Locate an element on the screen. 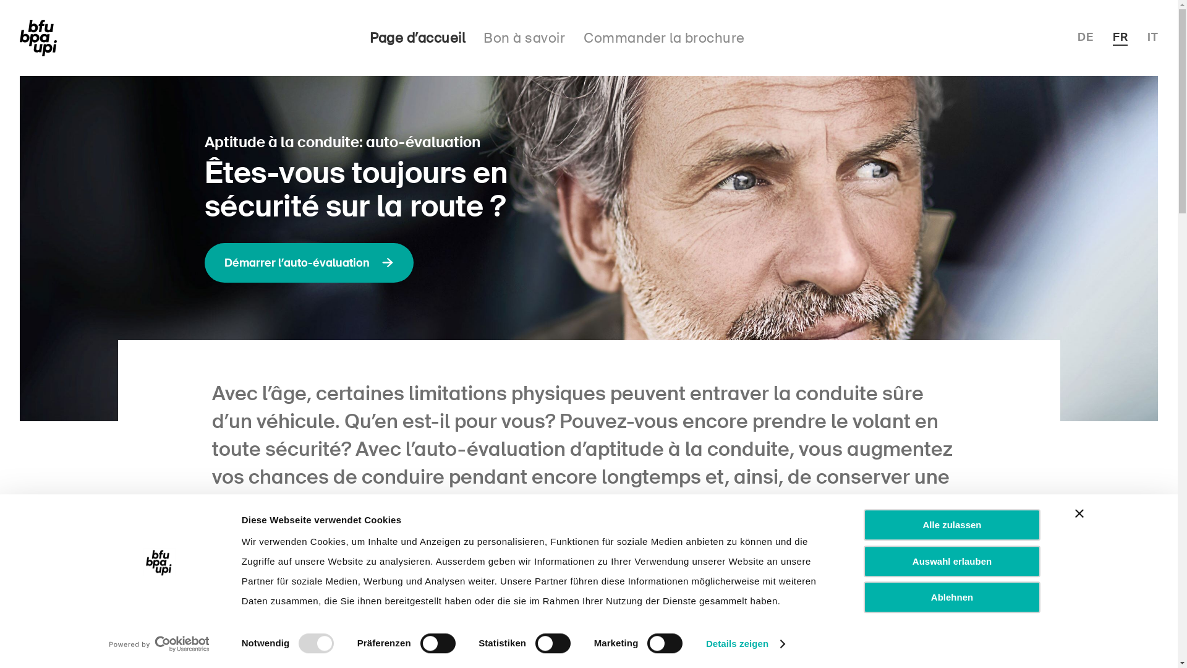  'Alle zulassen' is located at coordinates (951, 525).